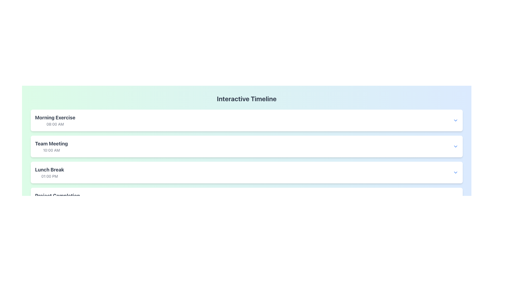 The image size is (522, 293). What do you see at coordinates (455, 120) in the screenshot?
I see `the blue downward-pointing chevron icon button on the far-right side of the 'Morning Exercise 08:00 AM' row` at bounding box center [455, 120].